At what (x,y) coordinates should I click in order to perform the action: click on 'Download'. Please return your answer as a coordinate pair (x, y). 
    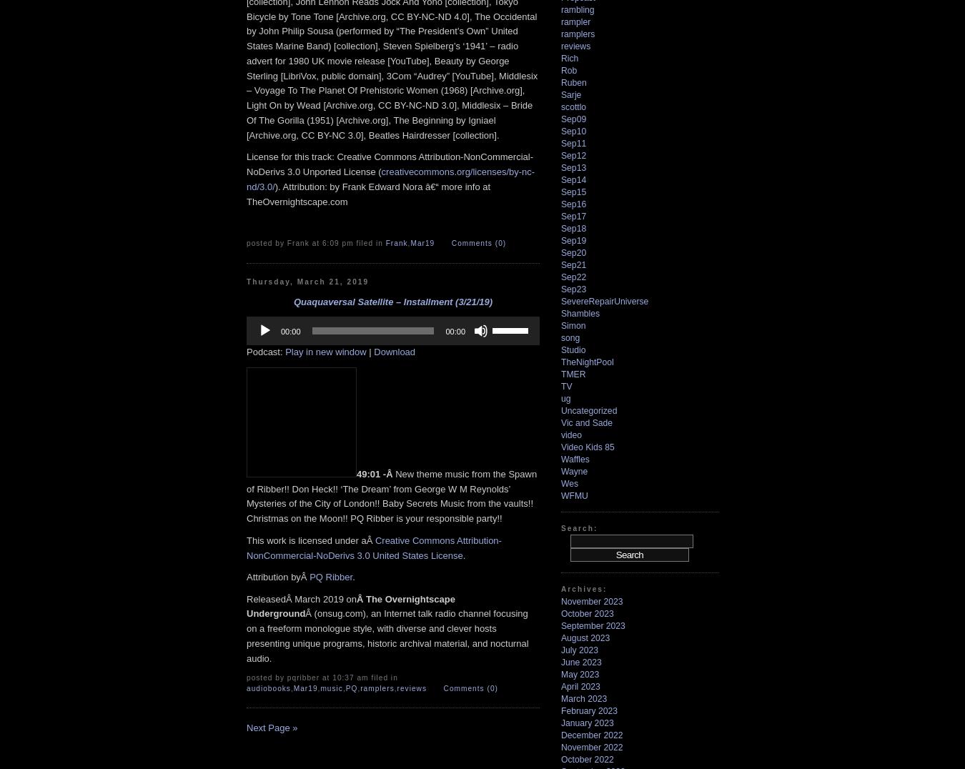
    Looking at the image, I should click on (394, 351).